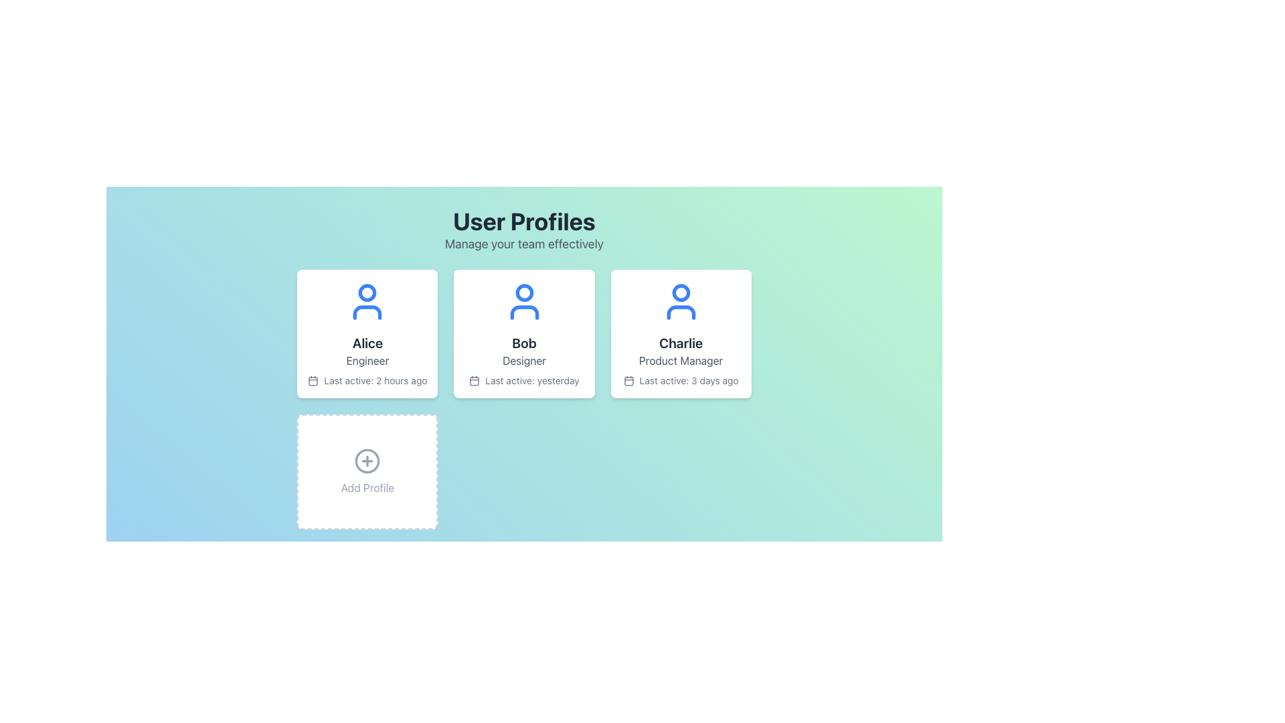 Image resolution: width=1285 pixels, height=723 pixels. I want to click on the text label displaying 'Bob' in bold, larger font within the user profile card, located below the user icon and above the text 'Designer', so click(523, 343).